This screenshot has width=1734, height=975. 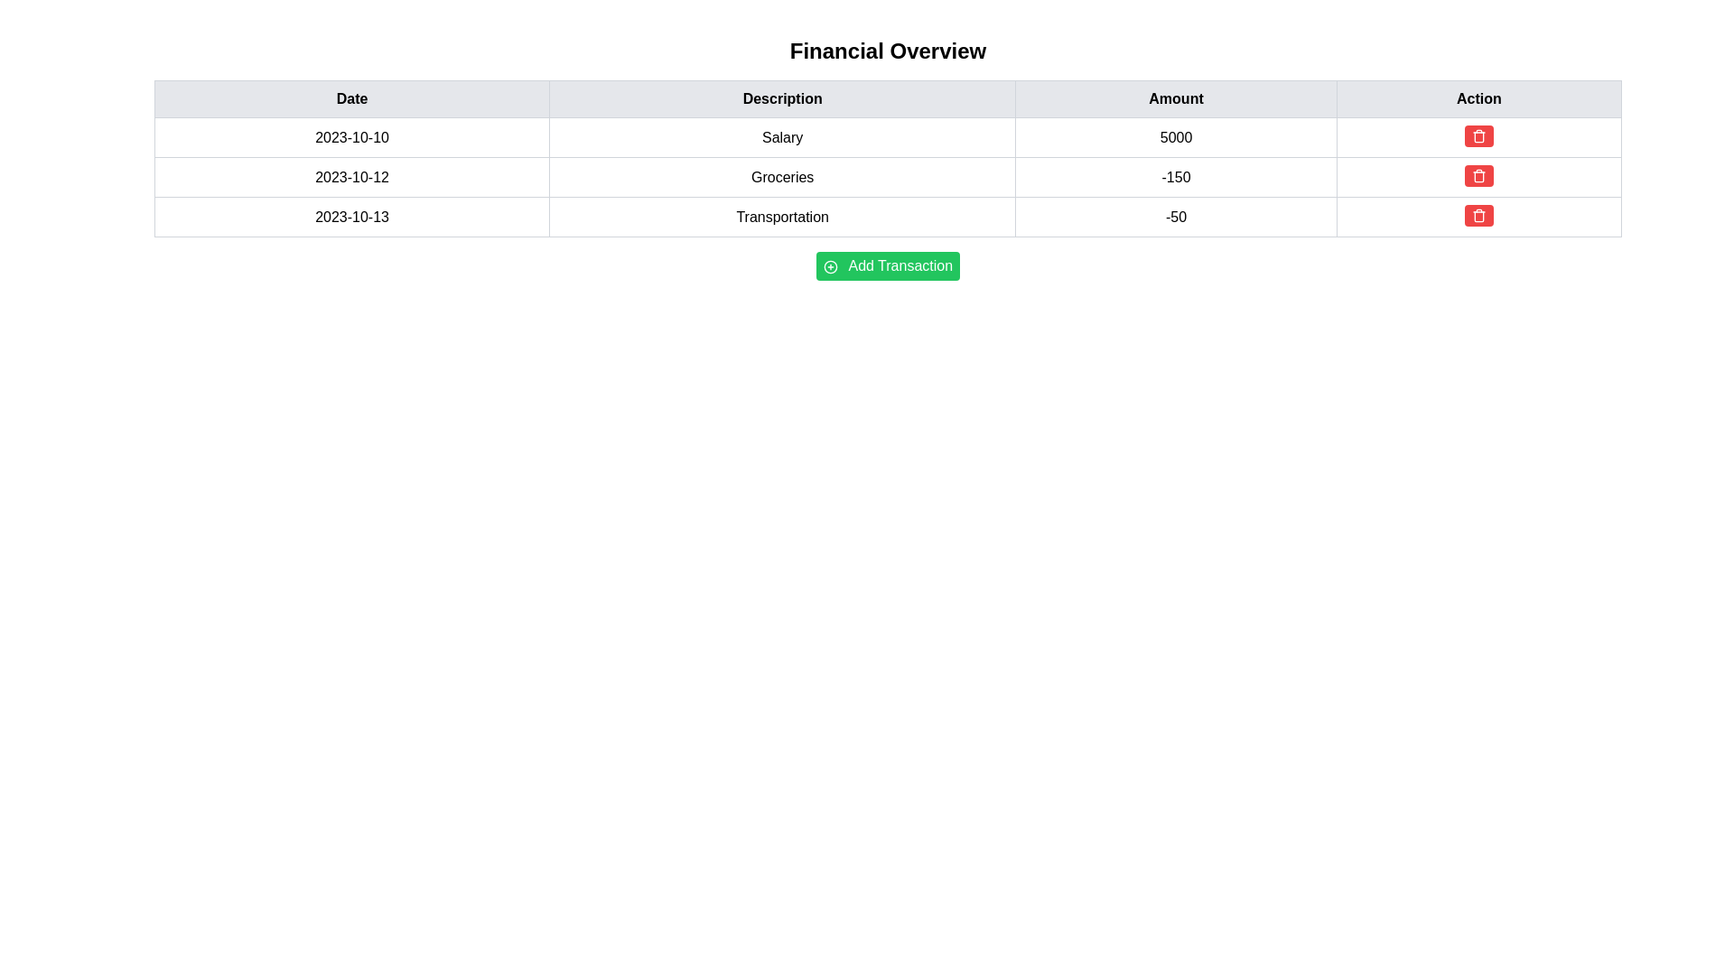 I want to click on the trash bin icon in the third row of the table corresponding to the 'Transportation' entry, which represents the delete action, so click(x=1478, y=216).